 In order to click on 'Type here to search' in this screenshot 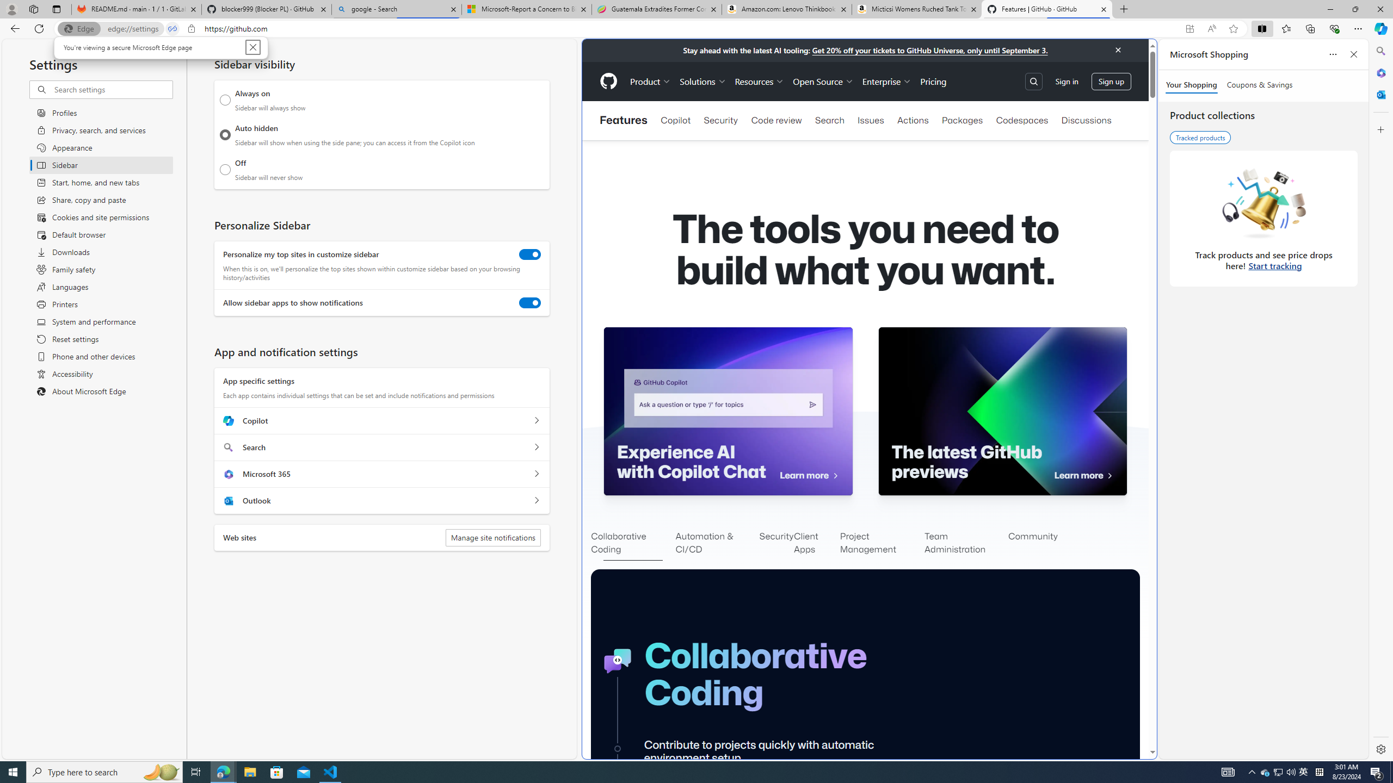, I will do `click(104, 771)`.